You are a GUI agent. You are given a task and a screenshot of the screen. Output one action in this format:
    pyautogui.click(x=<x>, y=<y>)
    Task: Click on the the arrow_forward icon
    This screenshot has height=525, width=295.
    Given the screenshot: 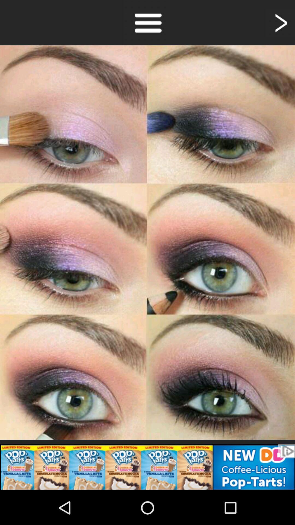 What is the action you would take?
    pyautogui.click(x=280, y=24)
    